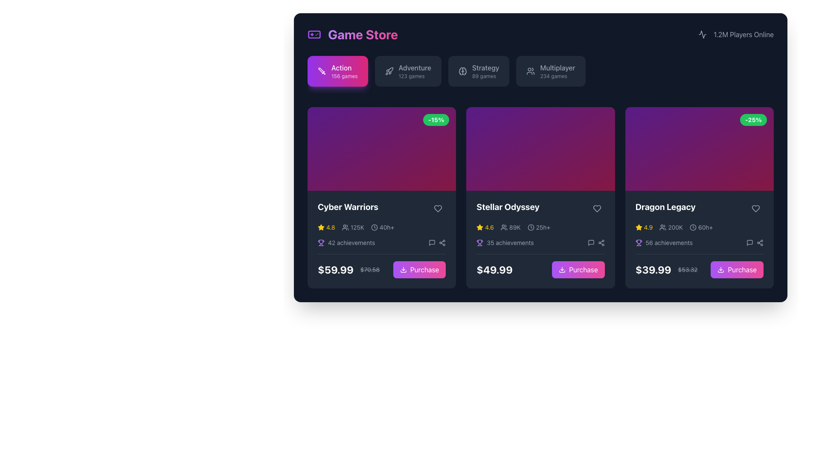  I want to click on pricing details displayed in the bottom-left section of the 'Cyber Warriors' game card, which highlights the current and original prices, so click(381, 266).